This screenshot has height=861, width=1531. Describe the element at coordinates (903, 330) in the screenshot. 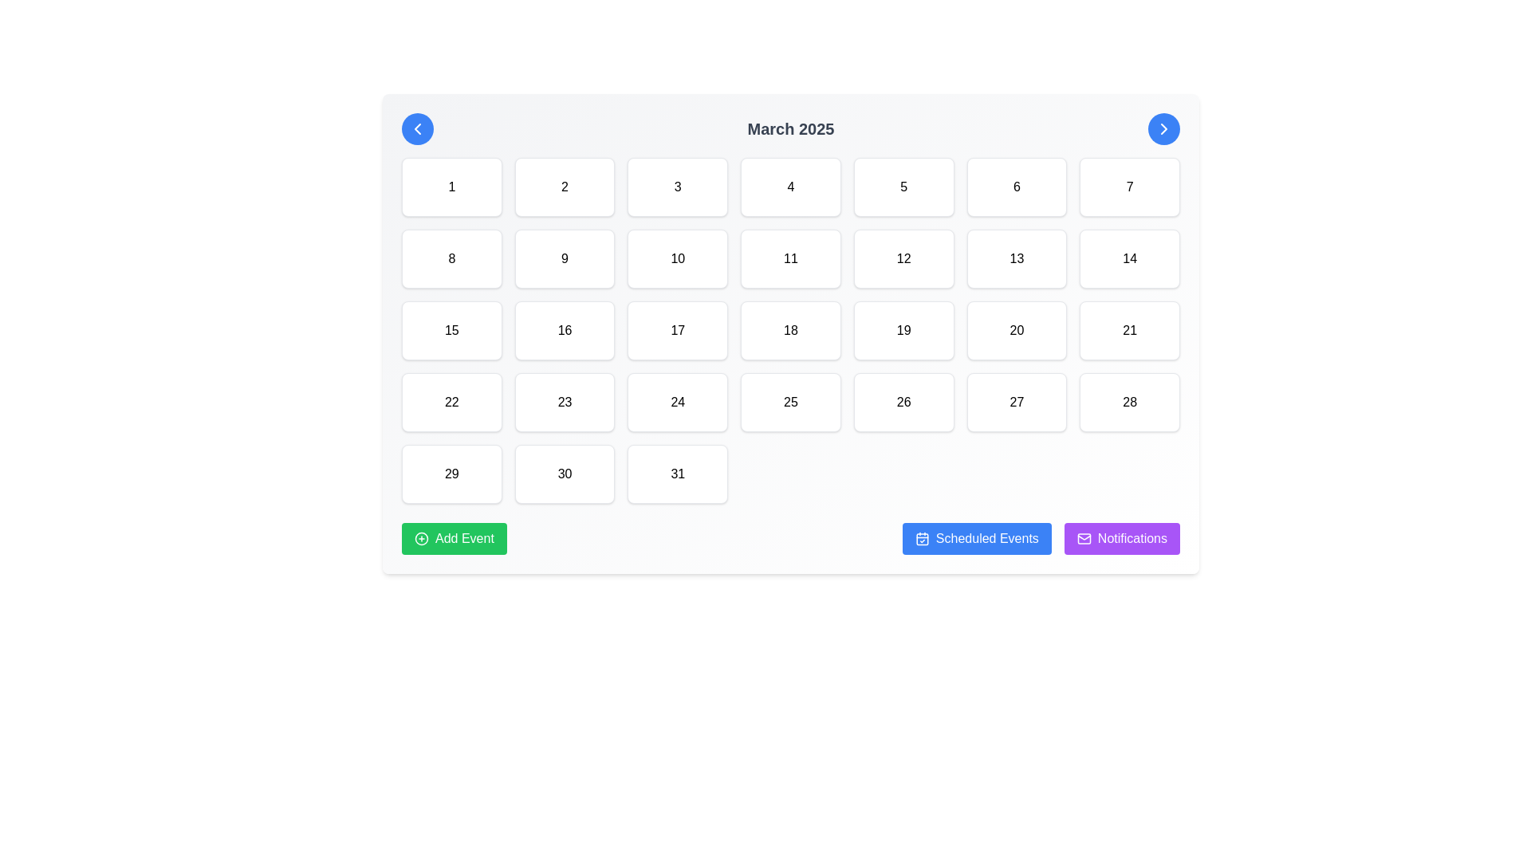

I see `the static calendar cell displaying the number '19', which is a rounded rectangle with a white background and a black number centered inside` at that location.